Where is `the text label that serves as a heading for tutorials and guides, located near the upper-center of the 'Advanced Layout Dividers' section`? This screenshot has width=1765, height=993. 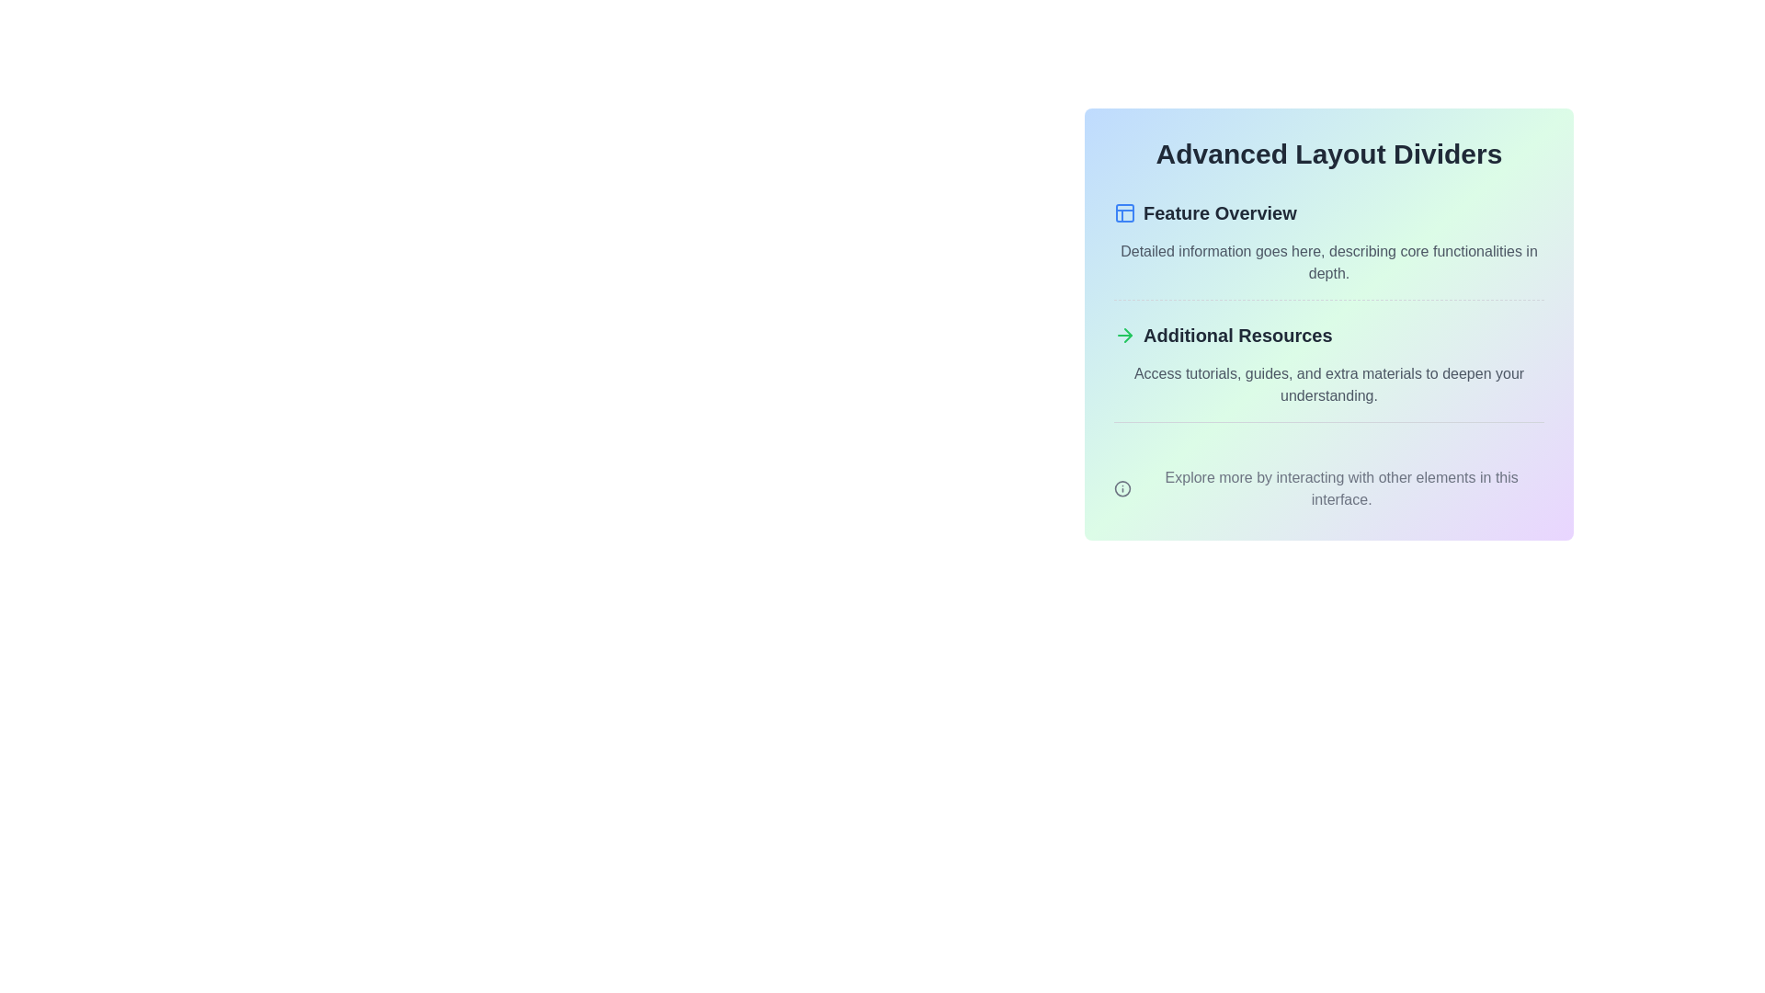
the text label that serves as a heading for tutorials and guides, located near the upper-center of the 'Advanced Layout Dividers' section is located at coordinates (1237, 336).